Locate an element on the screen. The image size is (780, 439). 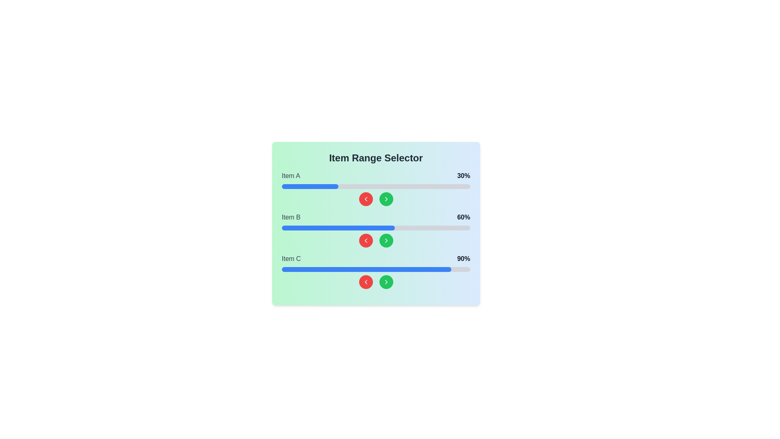
the Text Display showing '60%' in bold dark gray, which is the second value indicator in the 'Item Range Selector' interface, positioned to the right of 'Item B' is located at coordinates (464, 217).